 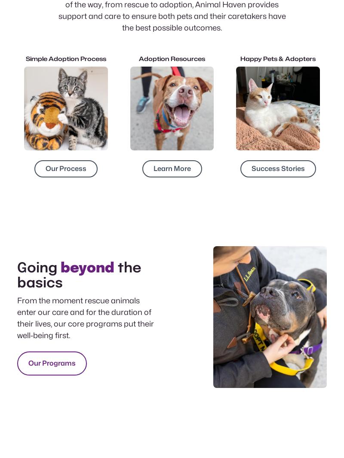 I want to click on 'From the moment rescue animals enter our care and for the duration of their
lives, our core programs put their well-being first.', so click(x=17, y=318).